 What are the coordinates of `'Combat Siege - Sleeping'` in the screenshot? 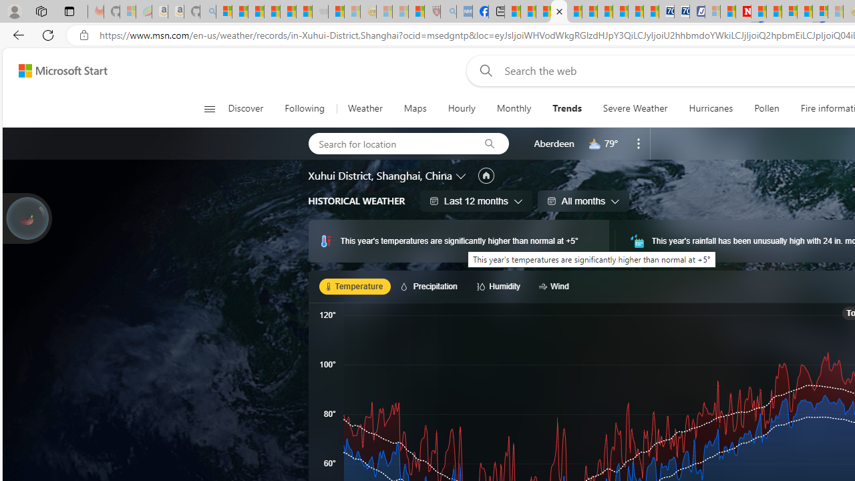 It's located at (321, 11).